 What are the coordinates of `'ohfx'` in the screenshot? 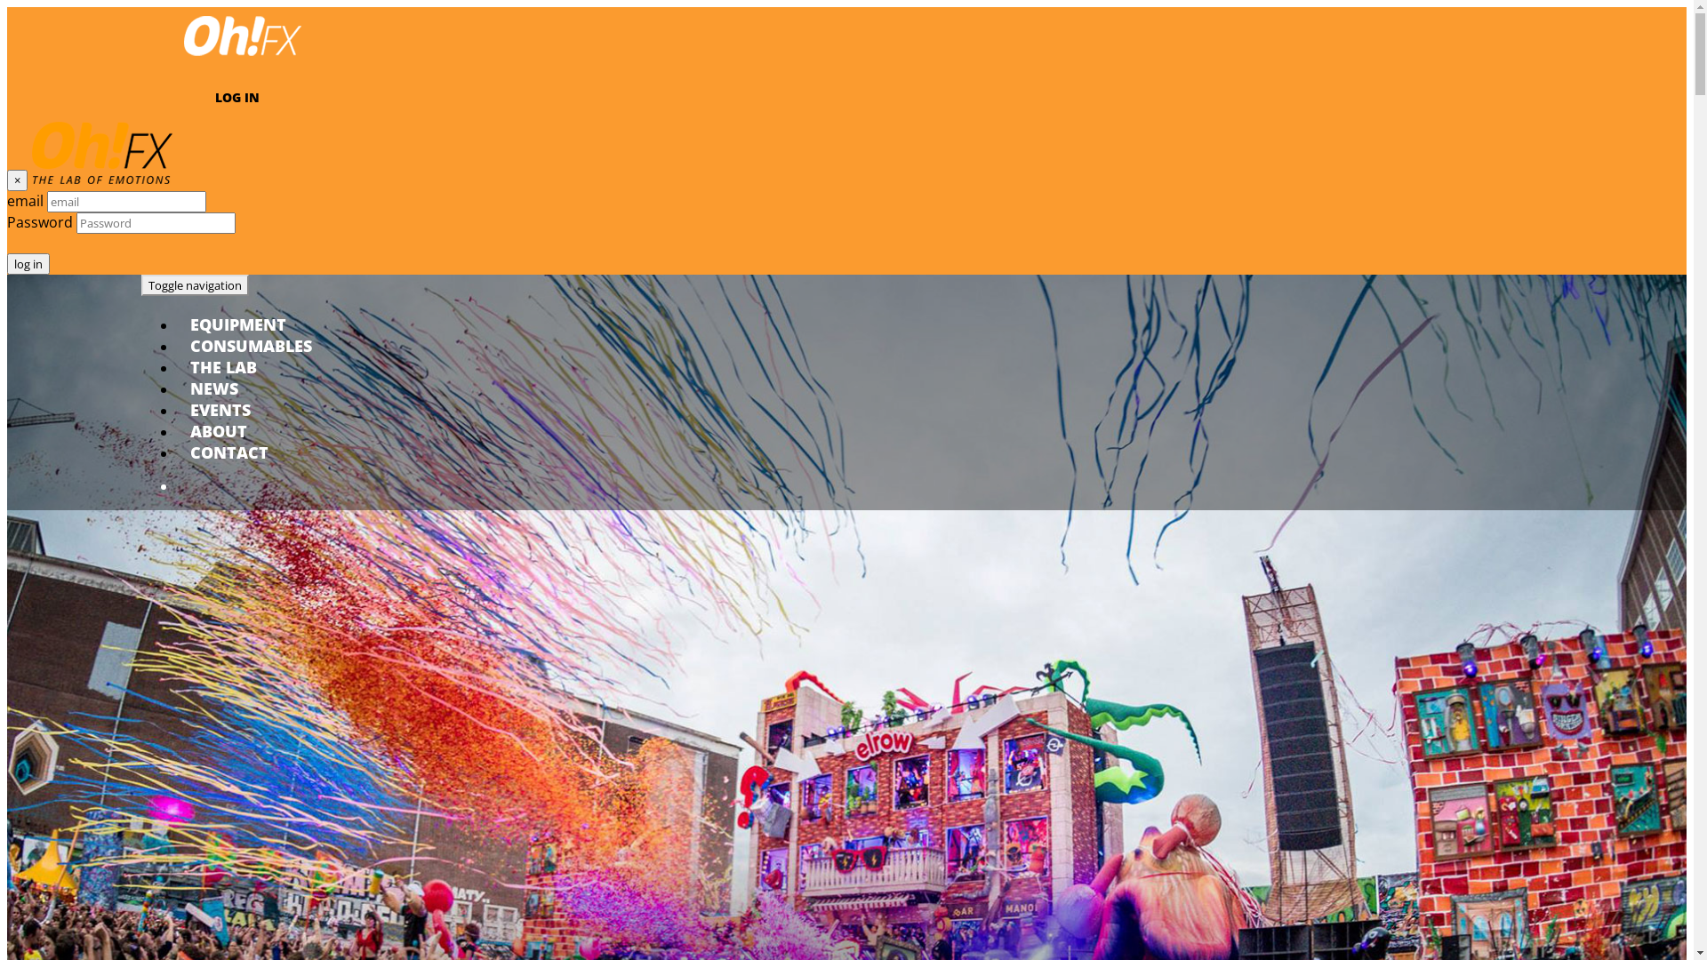 It's located at (242, 58).